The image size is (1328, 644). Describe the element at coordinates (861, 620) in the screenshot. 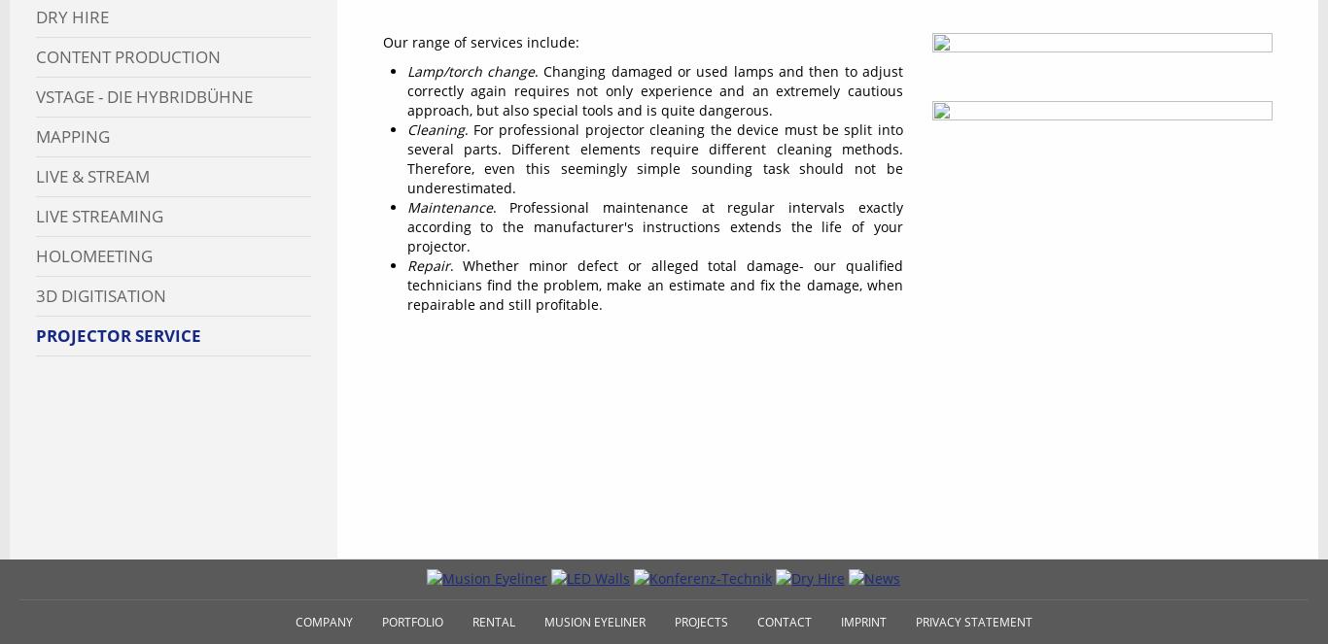

I see `'Imprint'` at that location.